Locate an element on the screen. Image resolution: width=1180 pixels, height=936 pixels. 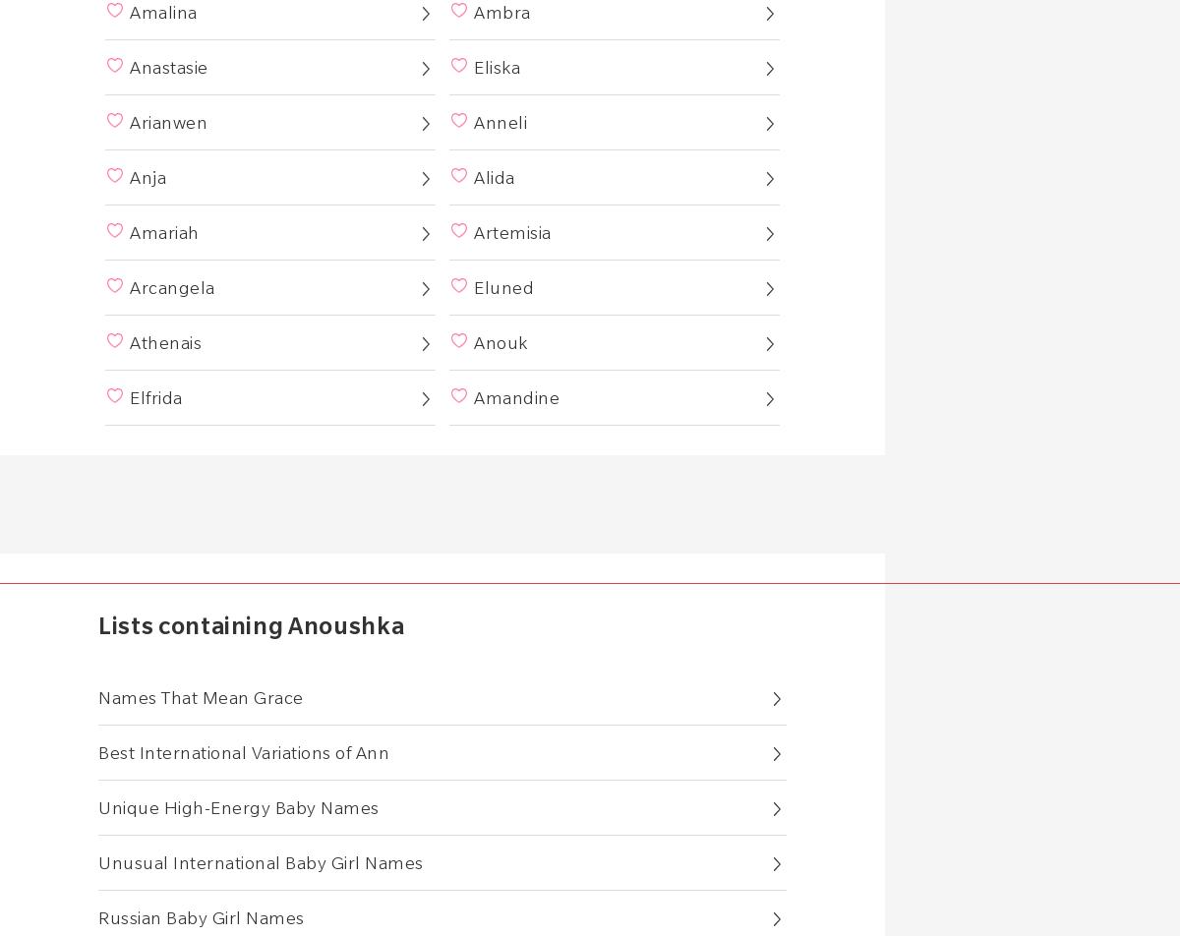
'Arcangela' is located at coordinates (170, 287).